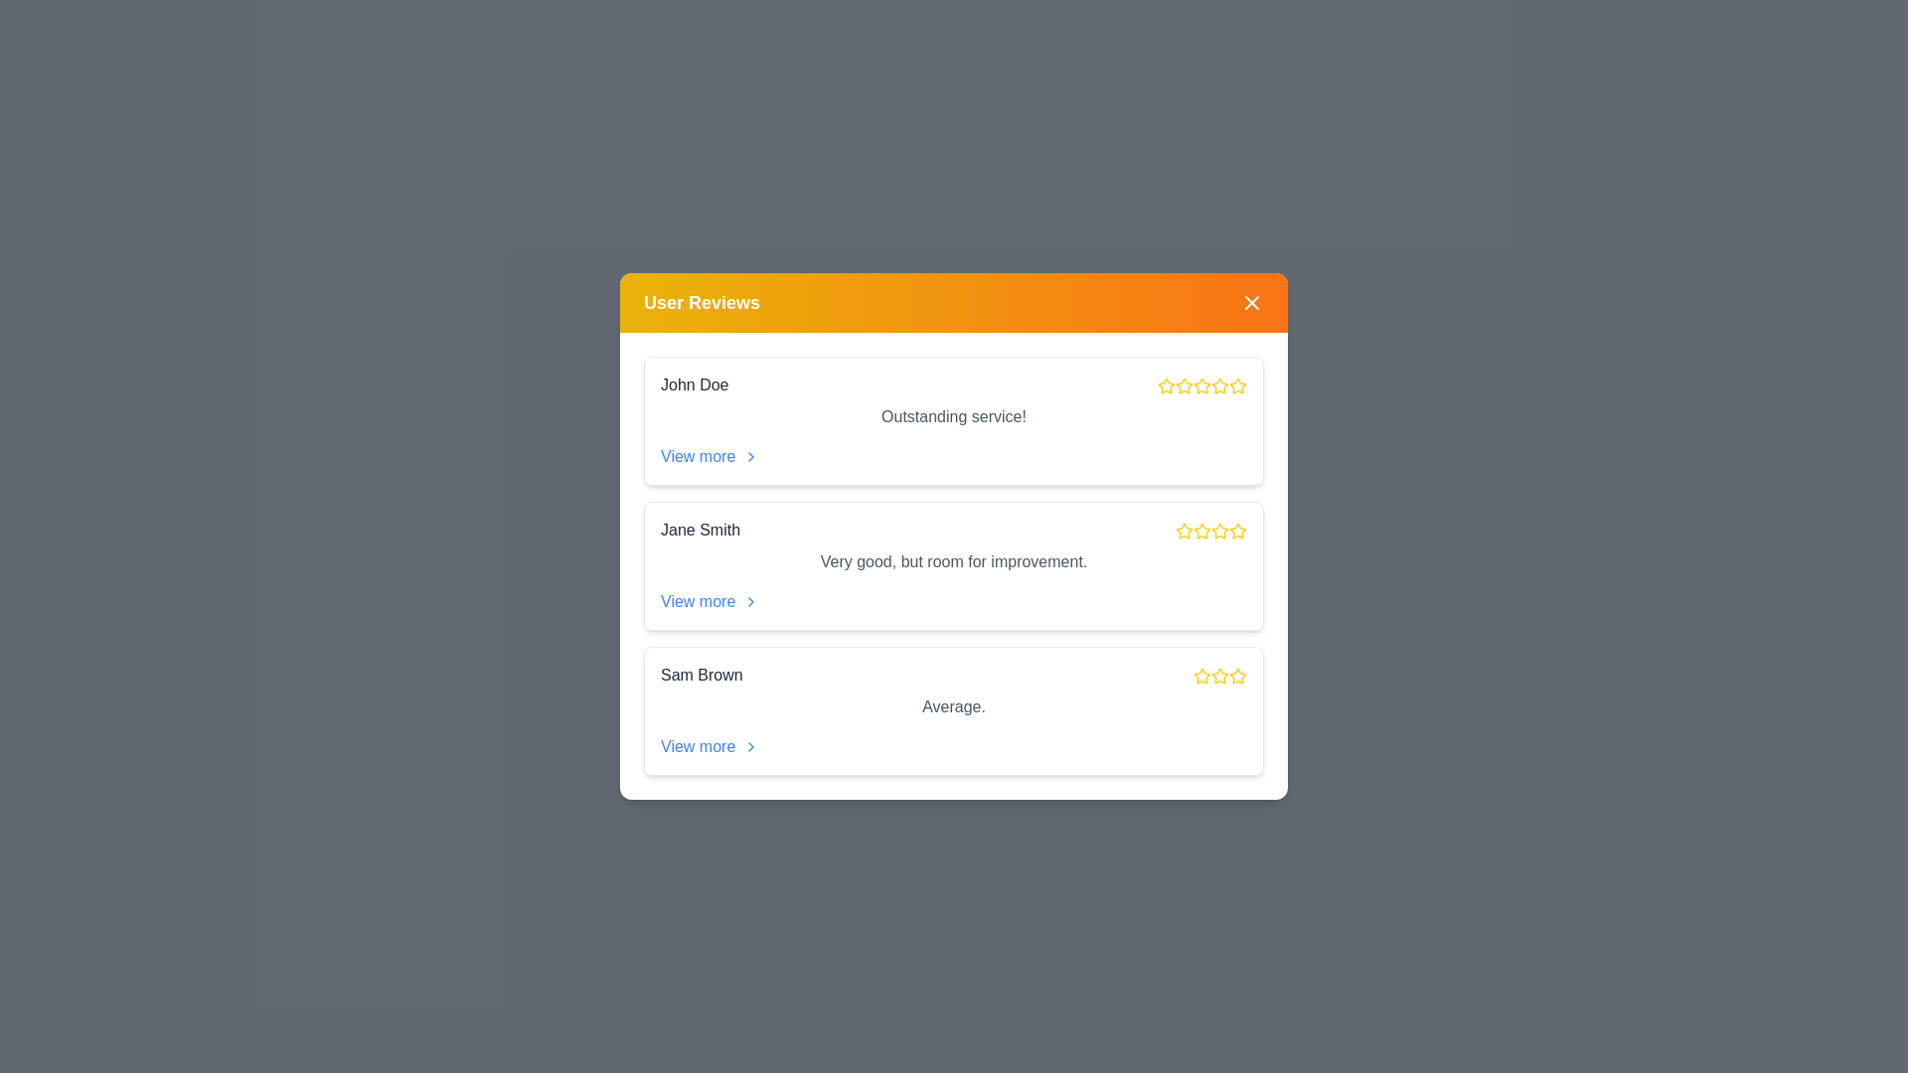 The height and width of the screenshot is (1073, 1908). I want to click on the 'View more' link for the review by Sam Brown, so click(710, 747).